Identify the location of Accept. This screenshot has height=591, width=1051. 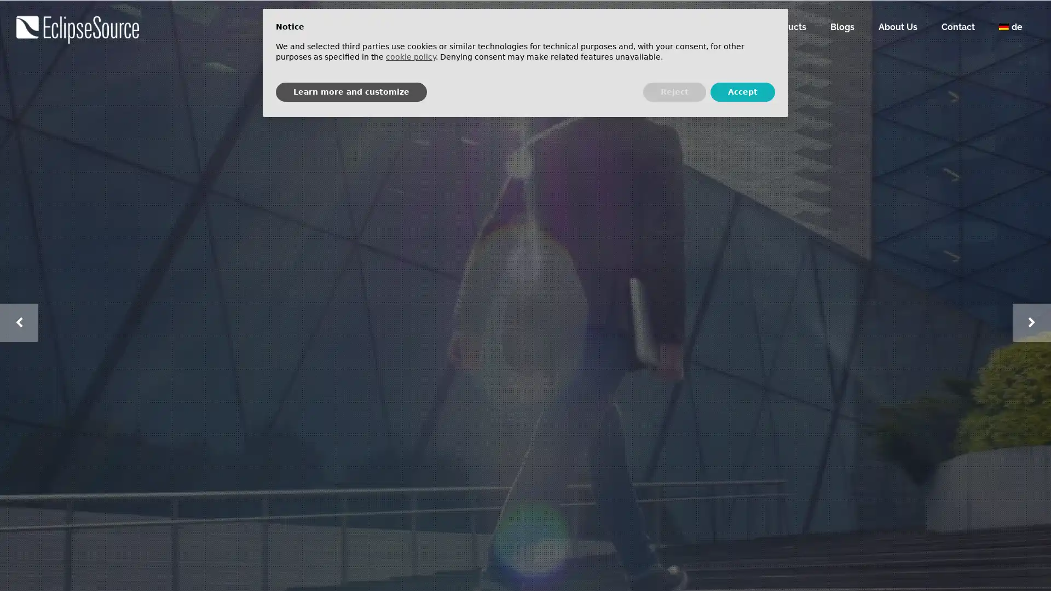
(743, 91).